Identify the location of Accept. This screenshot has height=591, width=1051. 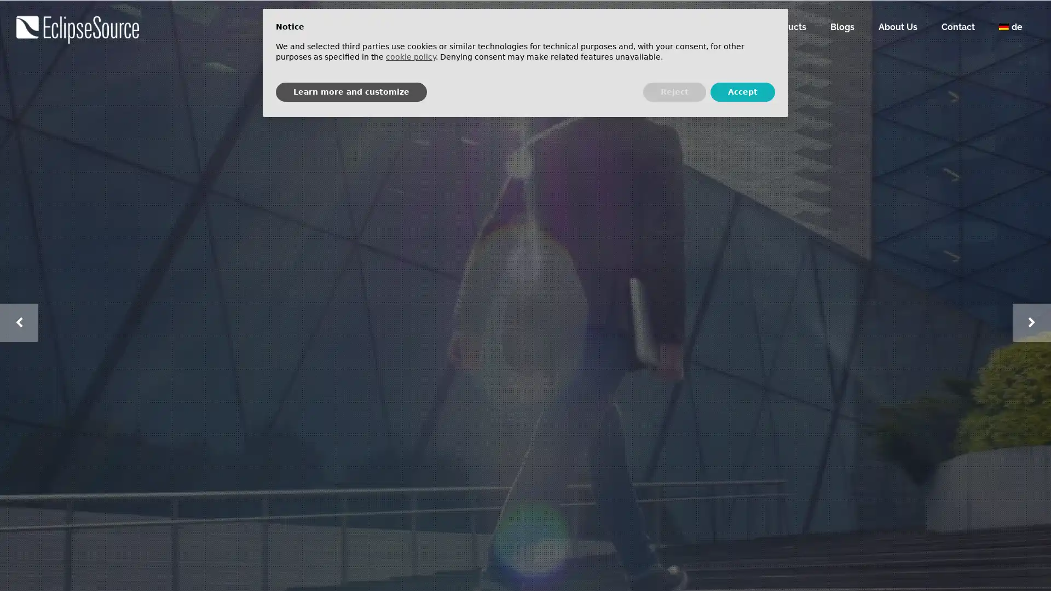
(743, 91).